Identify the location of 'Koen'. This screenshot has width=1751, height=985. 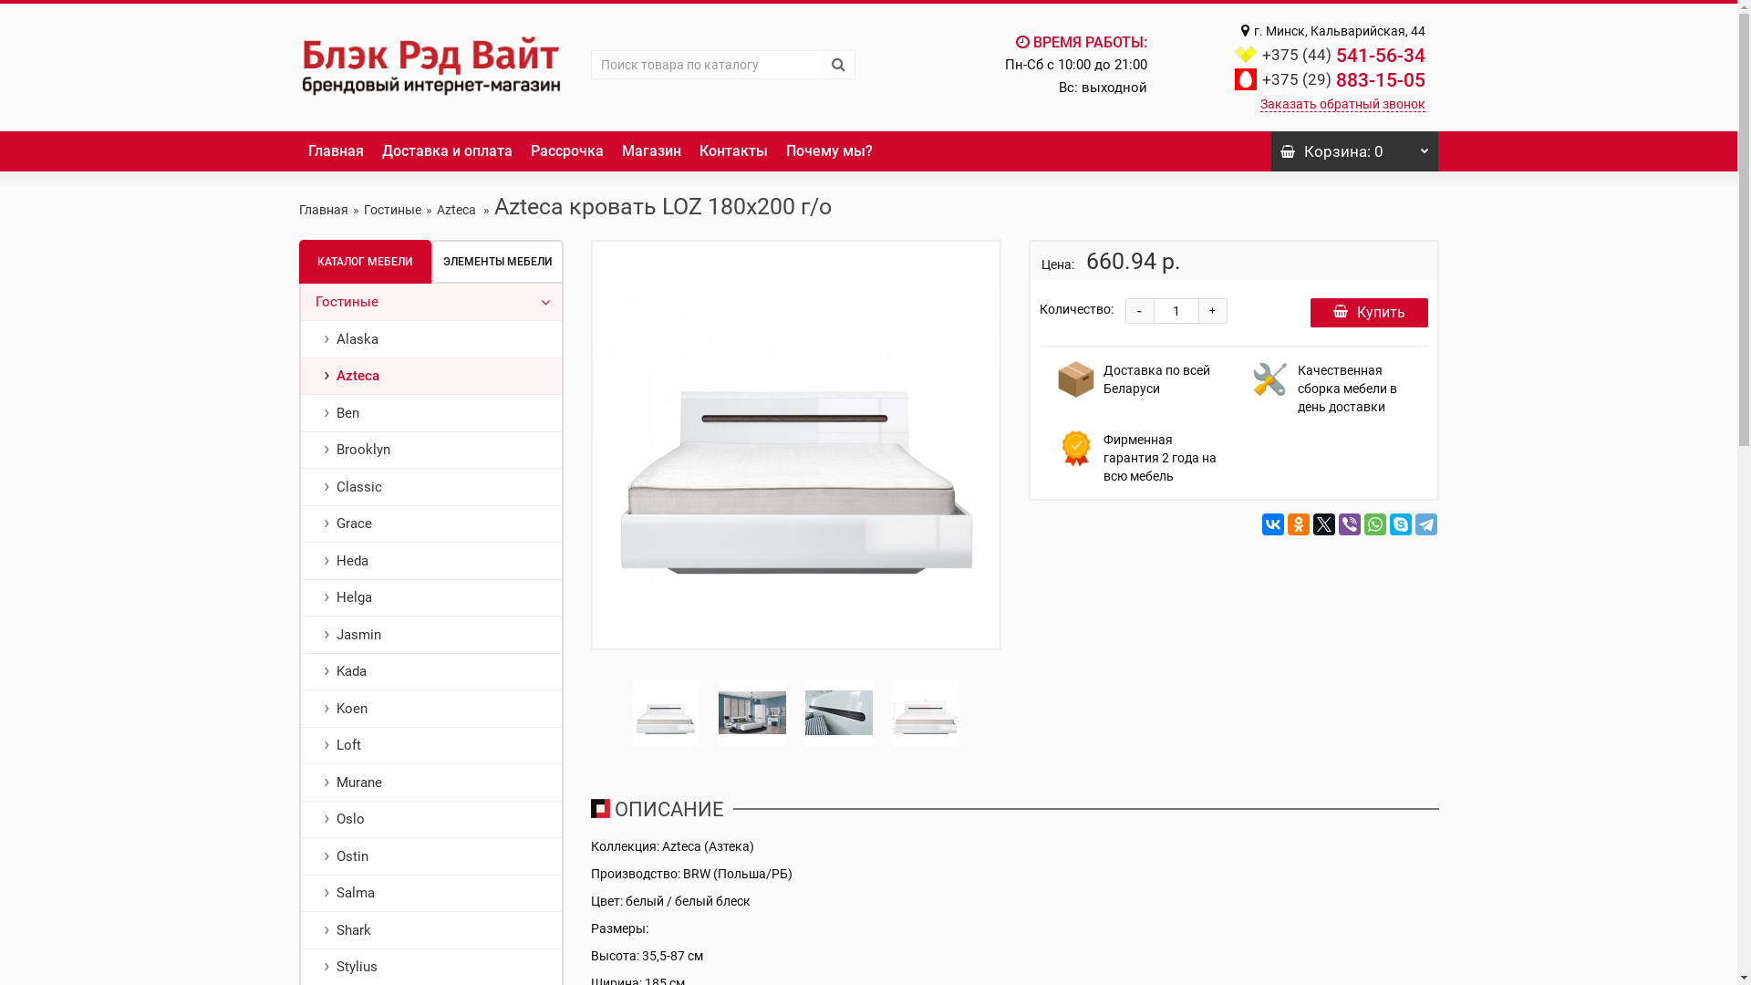
(430, 707).